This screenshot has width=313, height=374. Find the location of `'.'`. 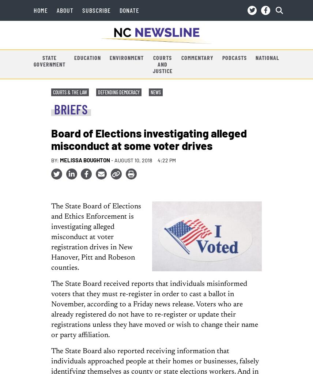

'.' is located at coordinates (139, 194).